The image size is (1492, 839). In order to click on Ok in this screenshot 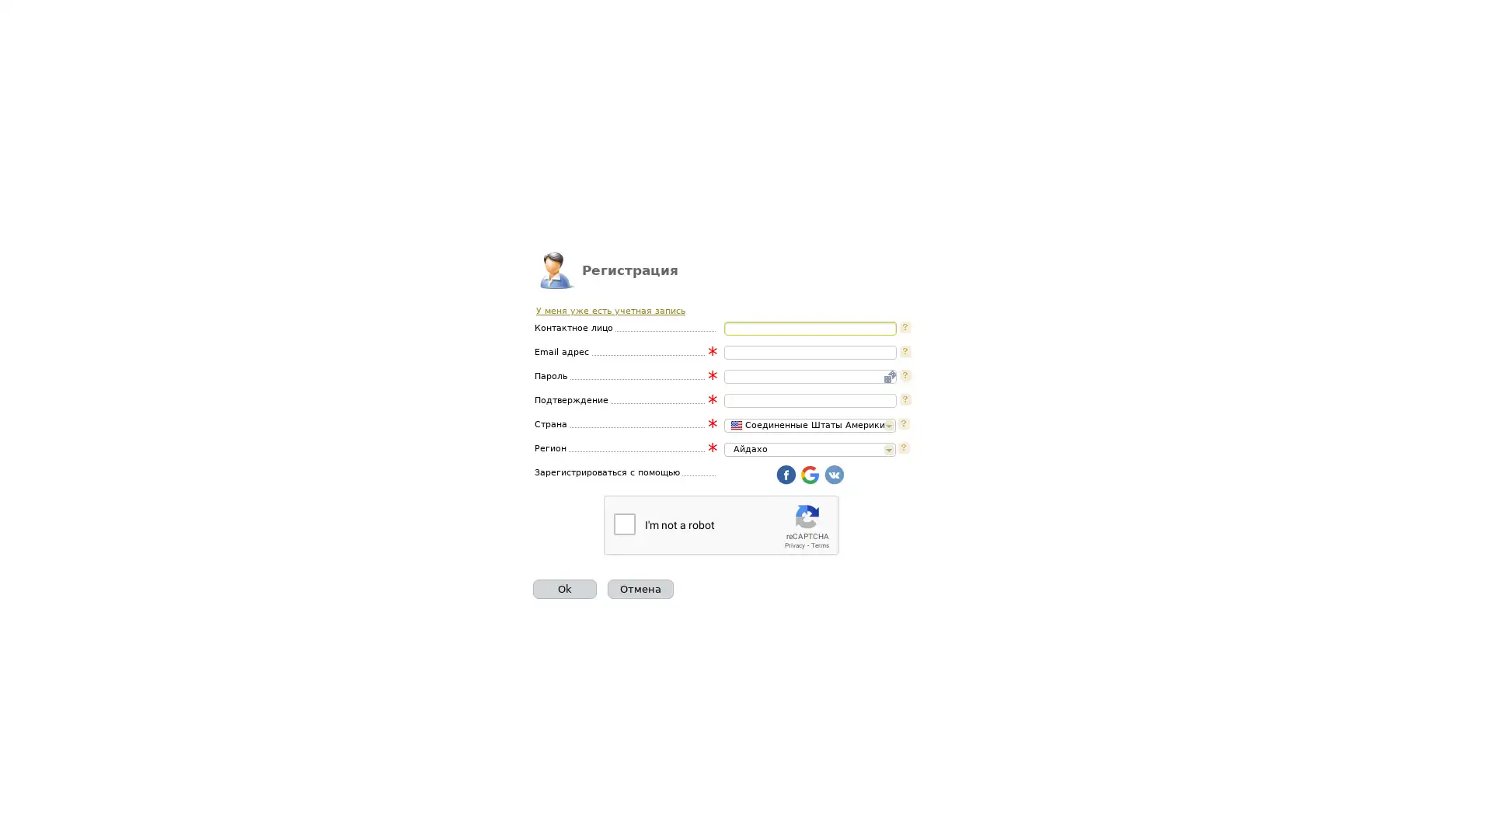, I will do `click(563, 589)`.